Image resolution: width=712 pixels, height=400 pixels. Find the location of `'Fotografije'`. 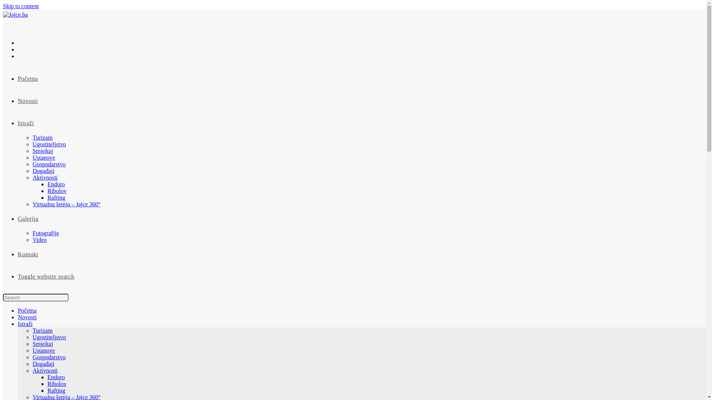

'Fotografije' is located at coordinates (45, 233).